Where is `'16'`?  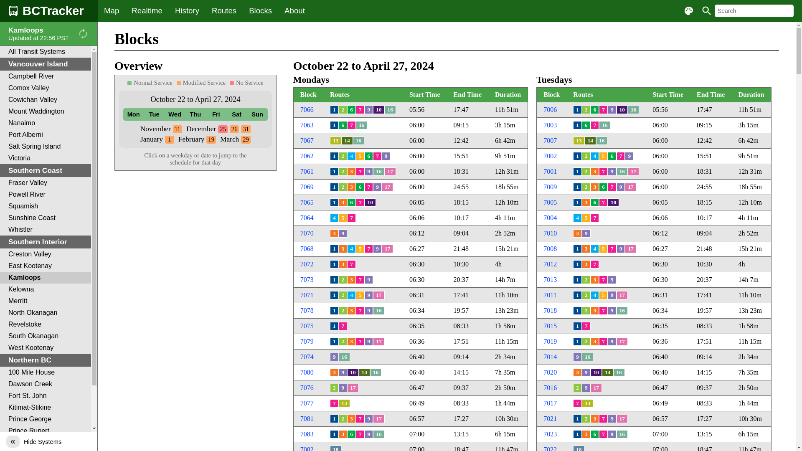
'16' is located at coordinates (595, 140).